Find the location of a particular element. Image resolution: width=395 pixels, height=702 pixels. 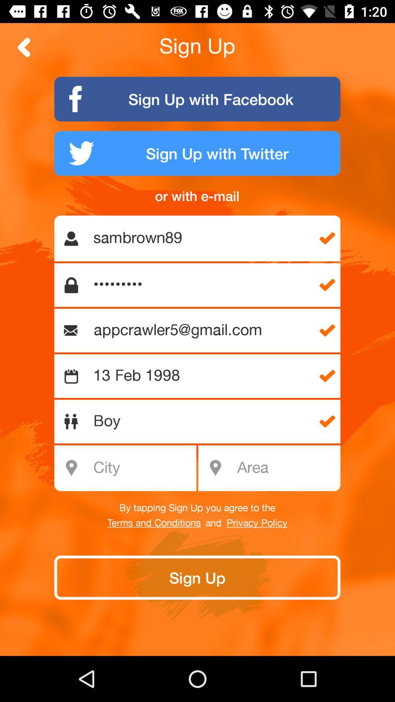

the item below by tapping sign is located at coordinates (154, 523).